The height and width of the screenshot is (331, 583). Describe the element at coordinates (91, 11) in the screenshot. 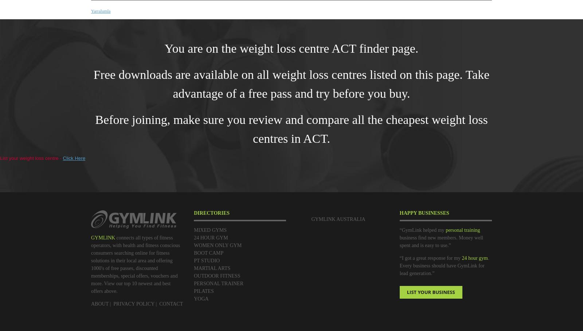

I see `'Yarralumla'` at that location.